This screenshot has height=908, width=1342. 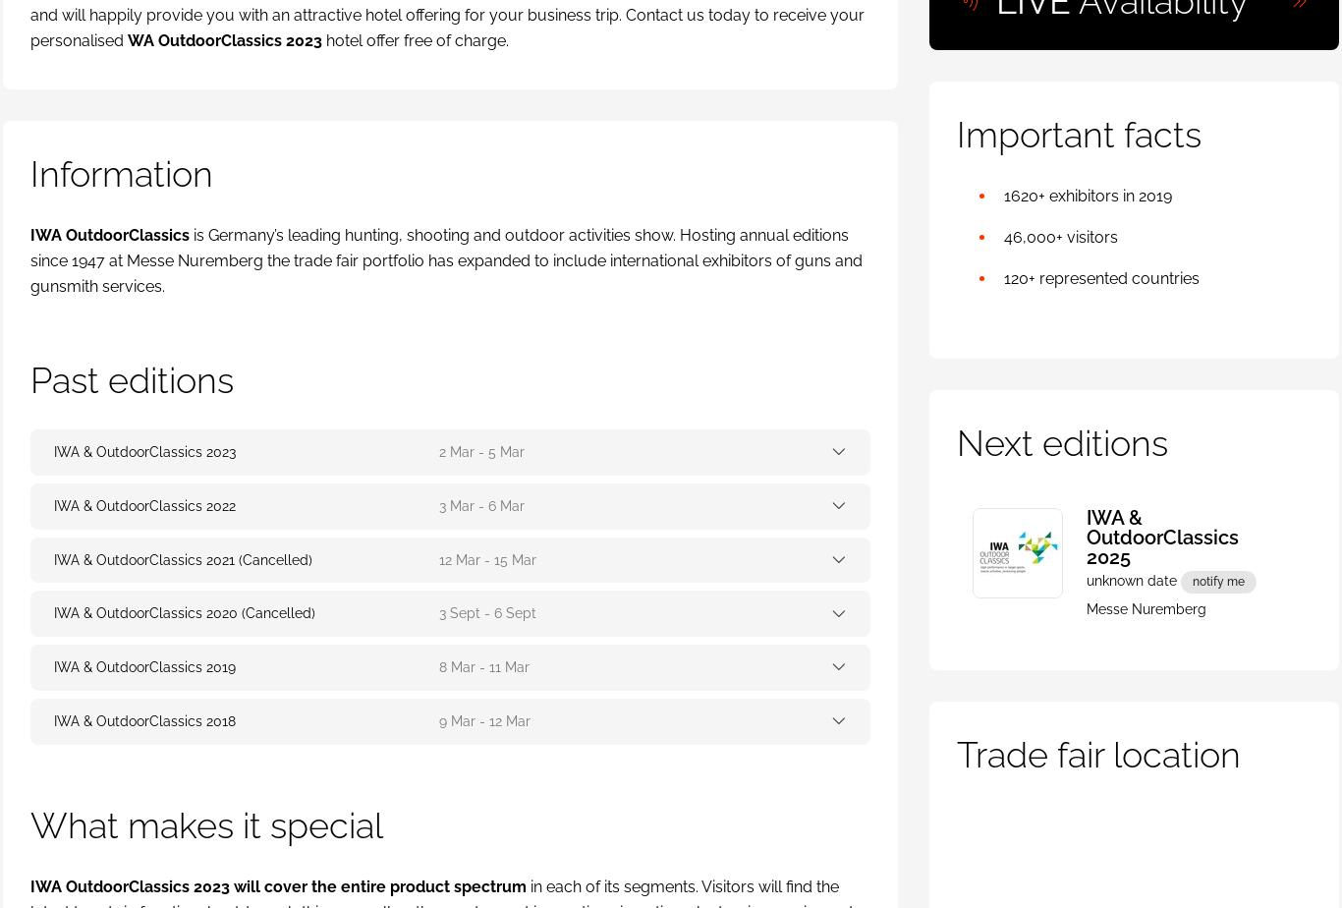 I want to click on 'Fill in the the hotel booking form for', so click(x=146, y=405).